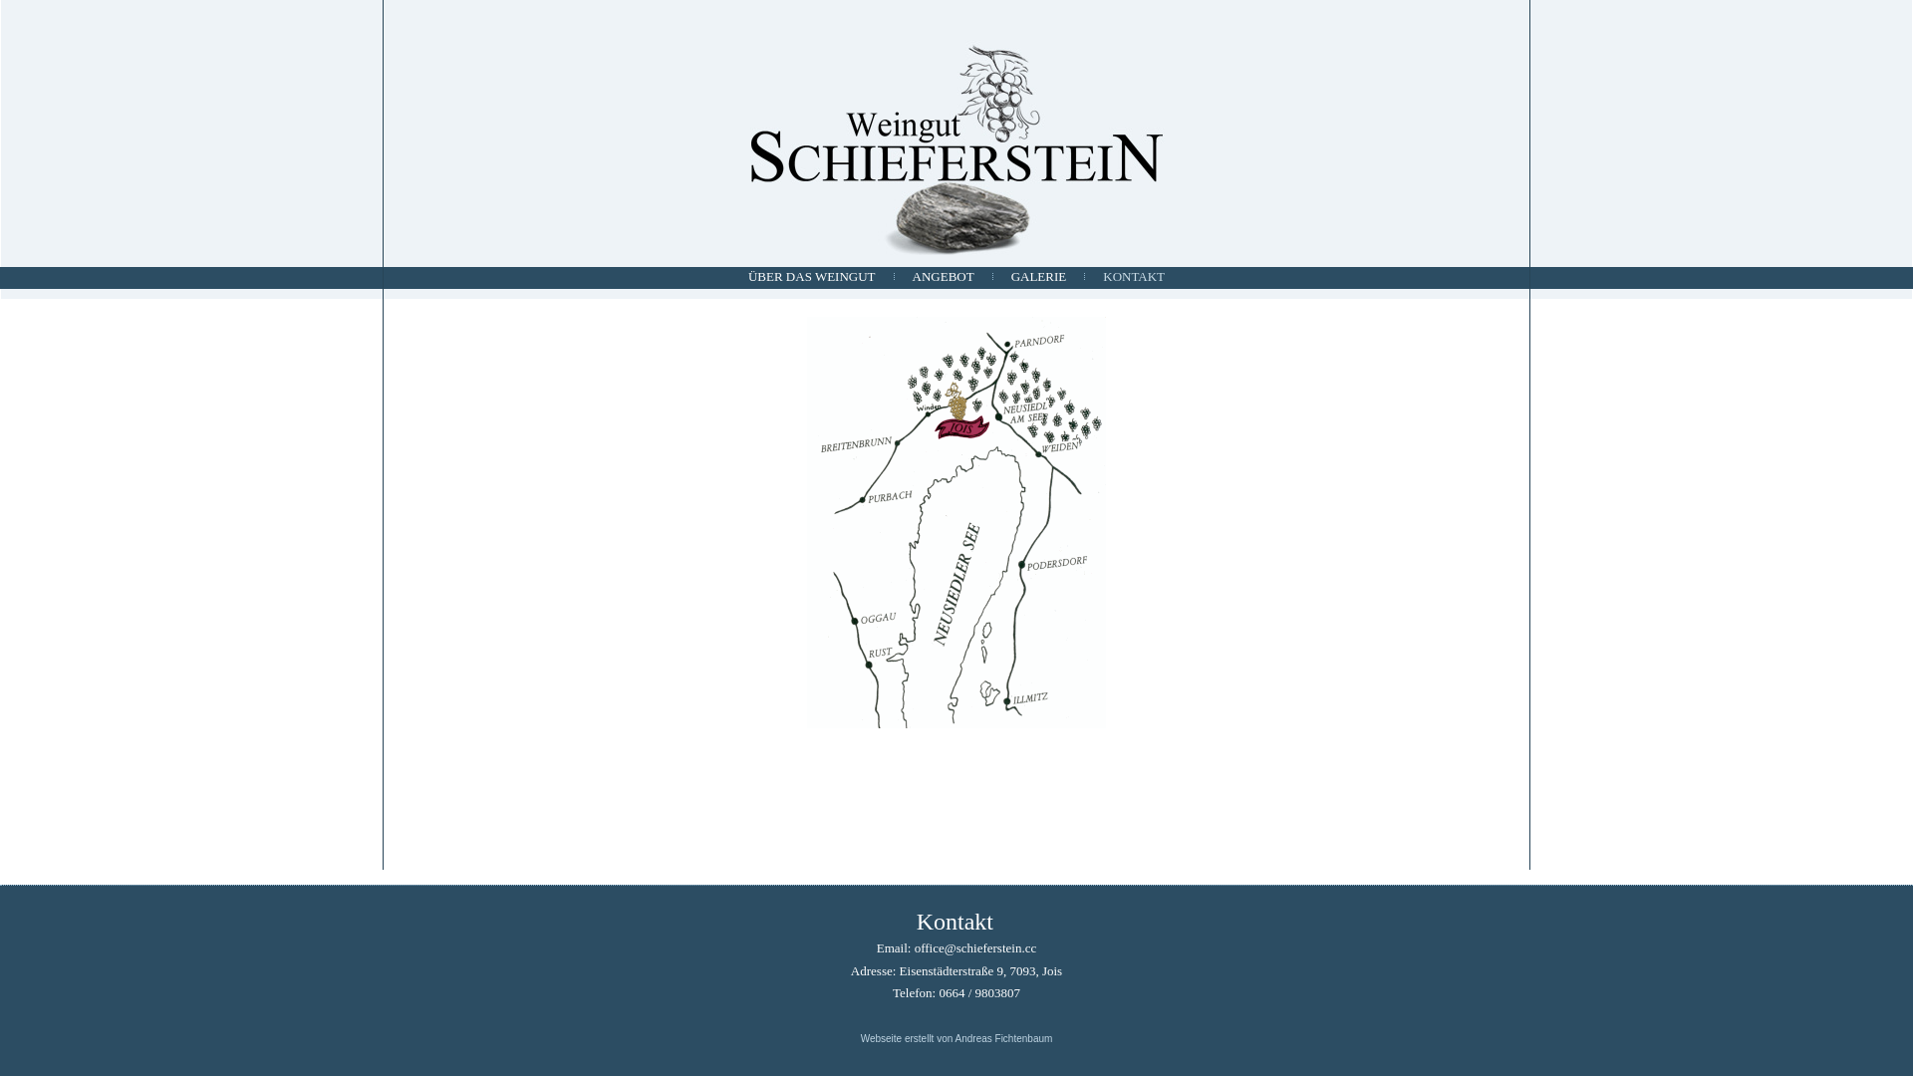 This screenshot has width=1913, height=1076. What do you see at coordinates (1133, 276) in the screenshot?
I see `'KONTAKT'` at bounding box center [1133, 276].